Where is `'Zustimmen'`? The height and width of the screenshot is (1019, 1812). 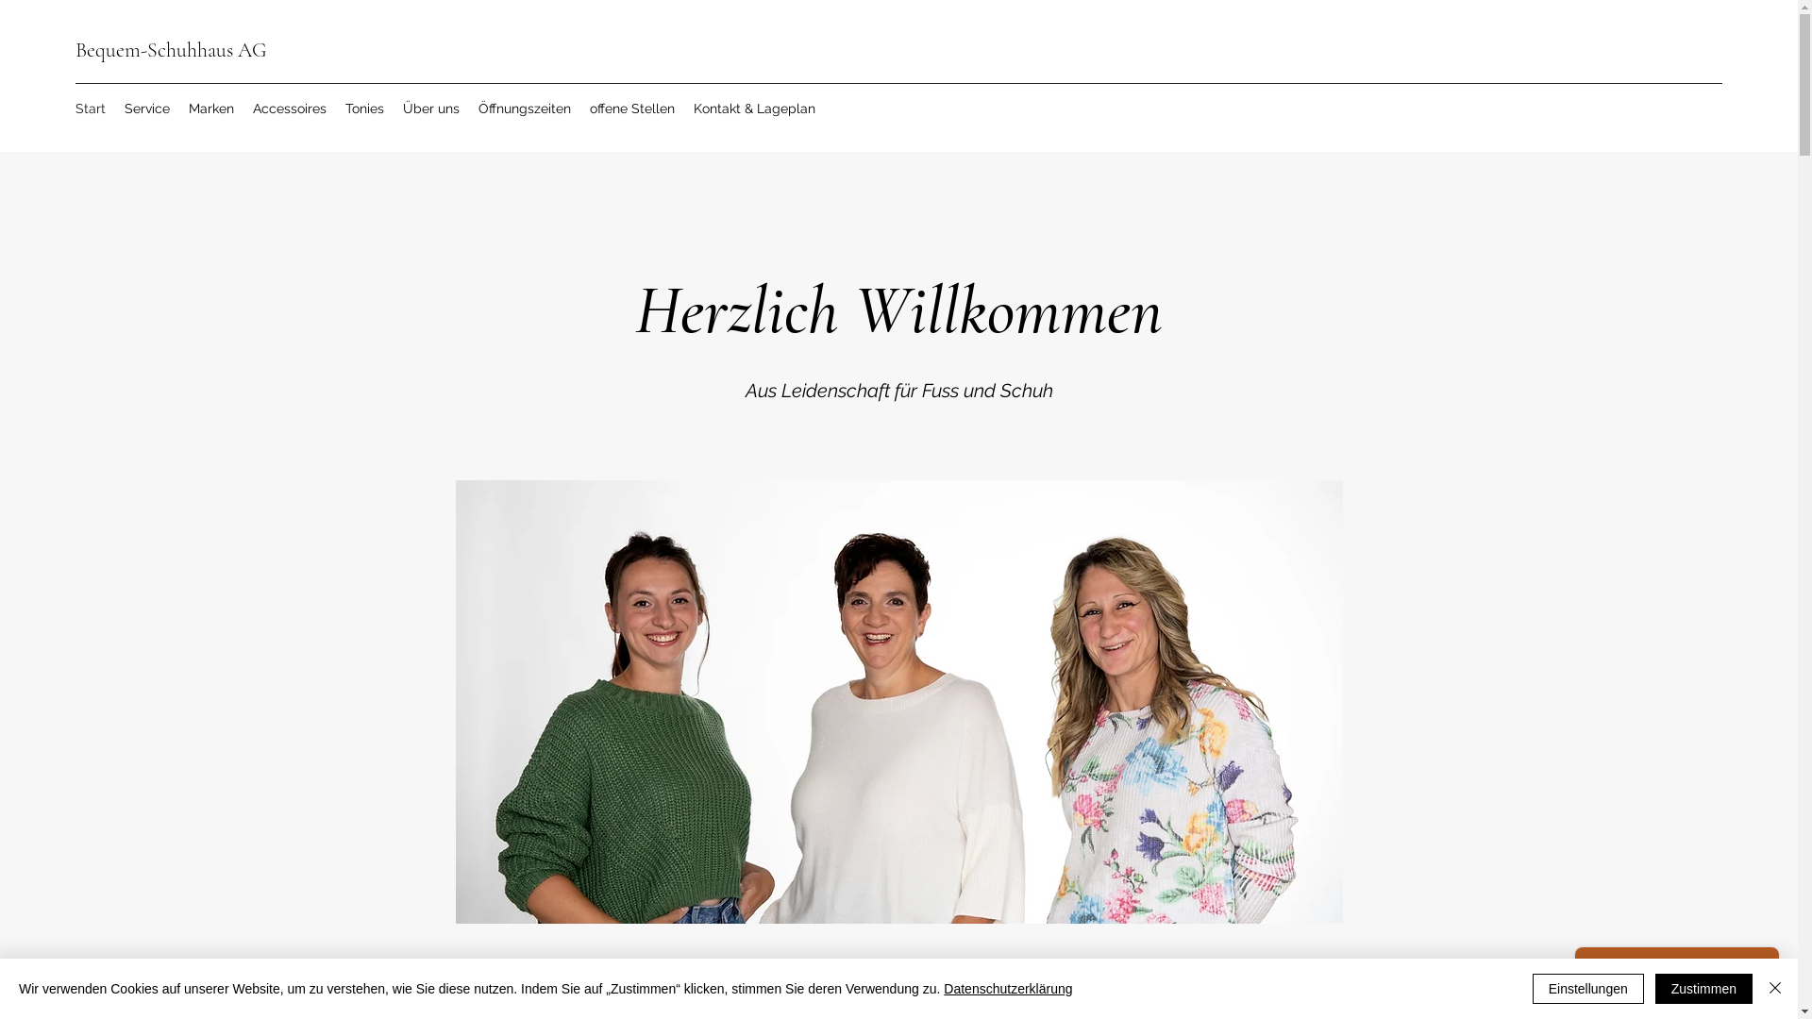 'Zustimmen' is located at coordinates (1703, 988).